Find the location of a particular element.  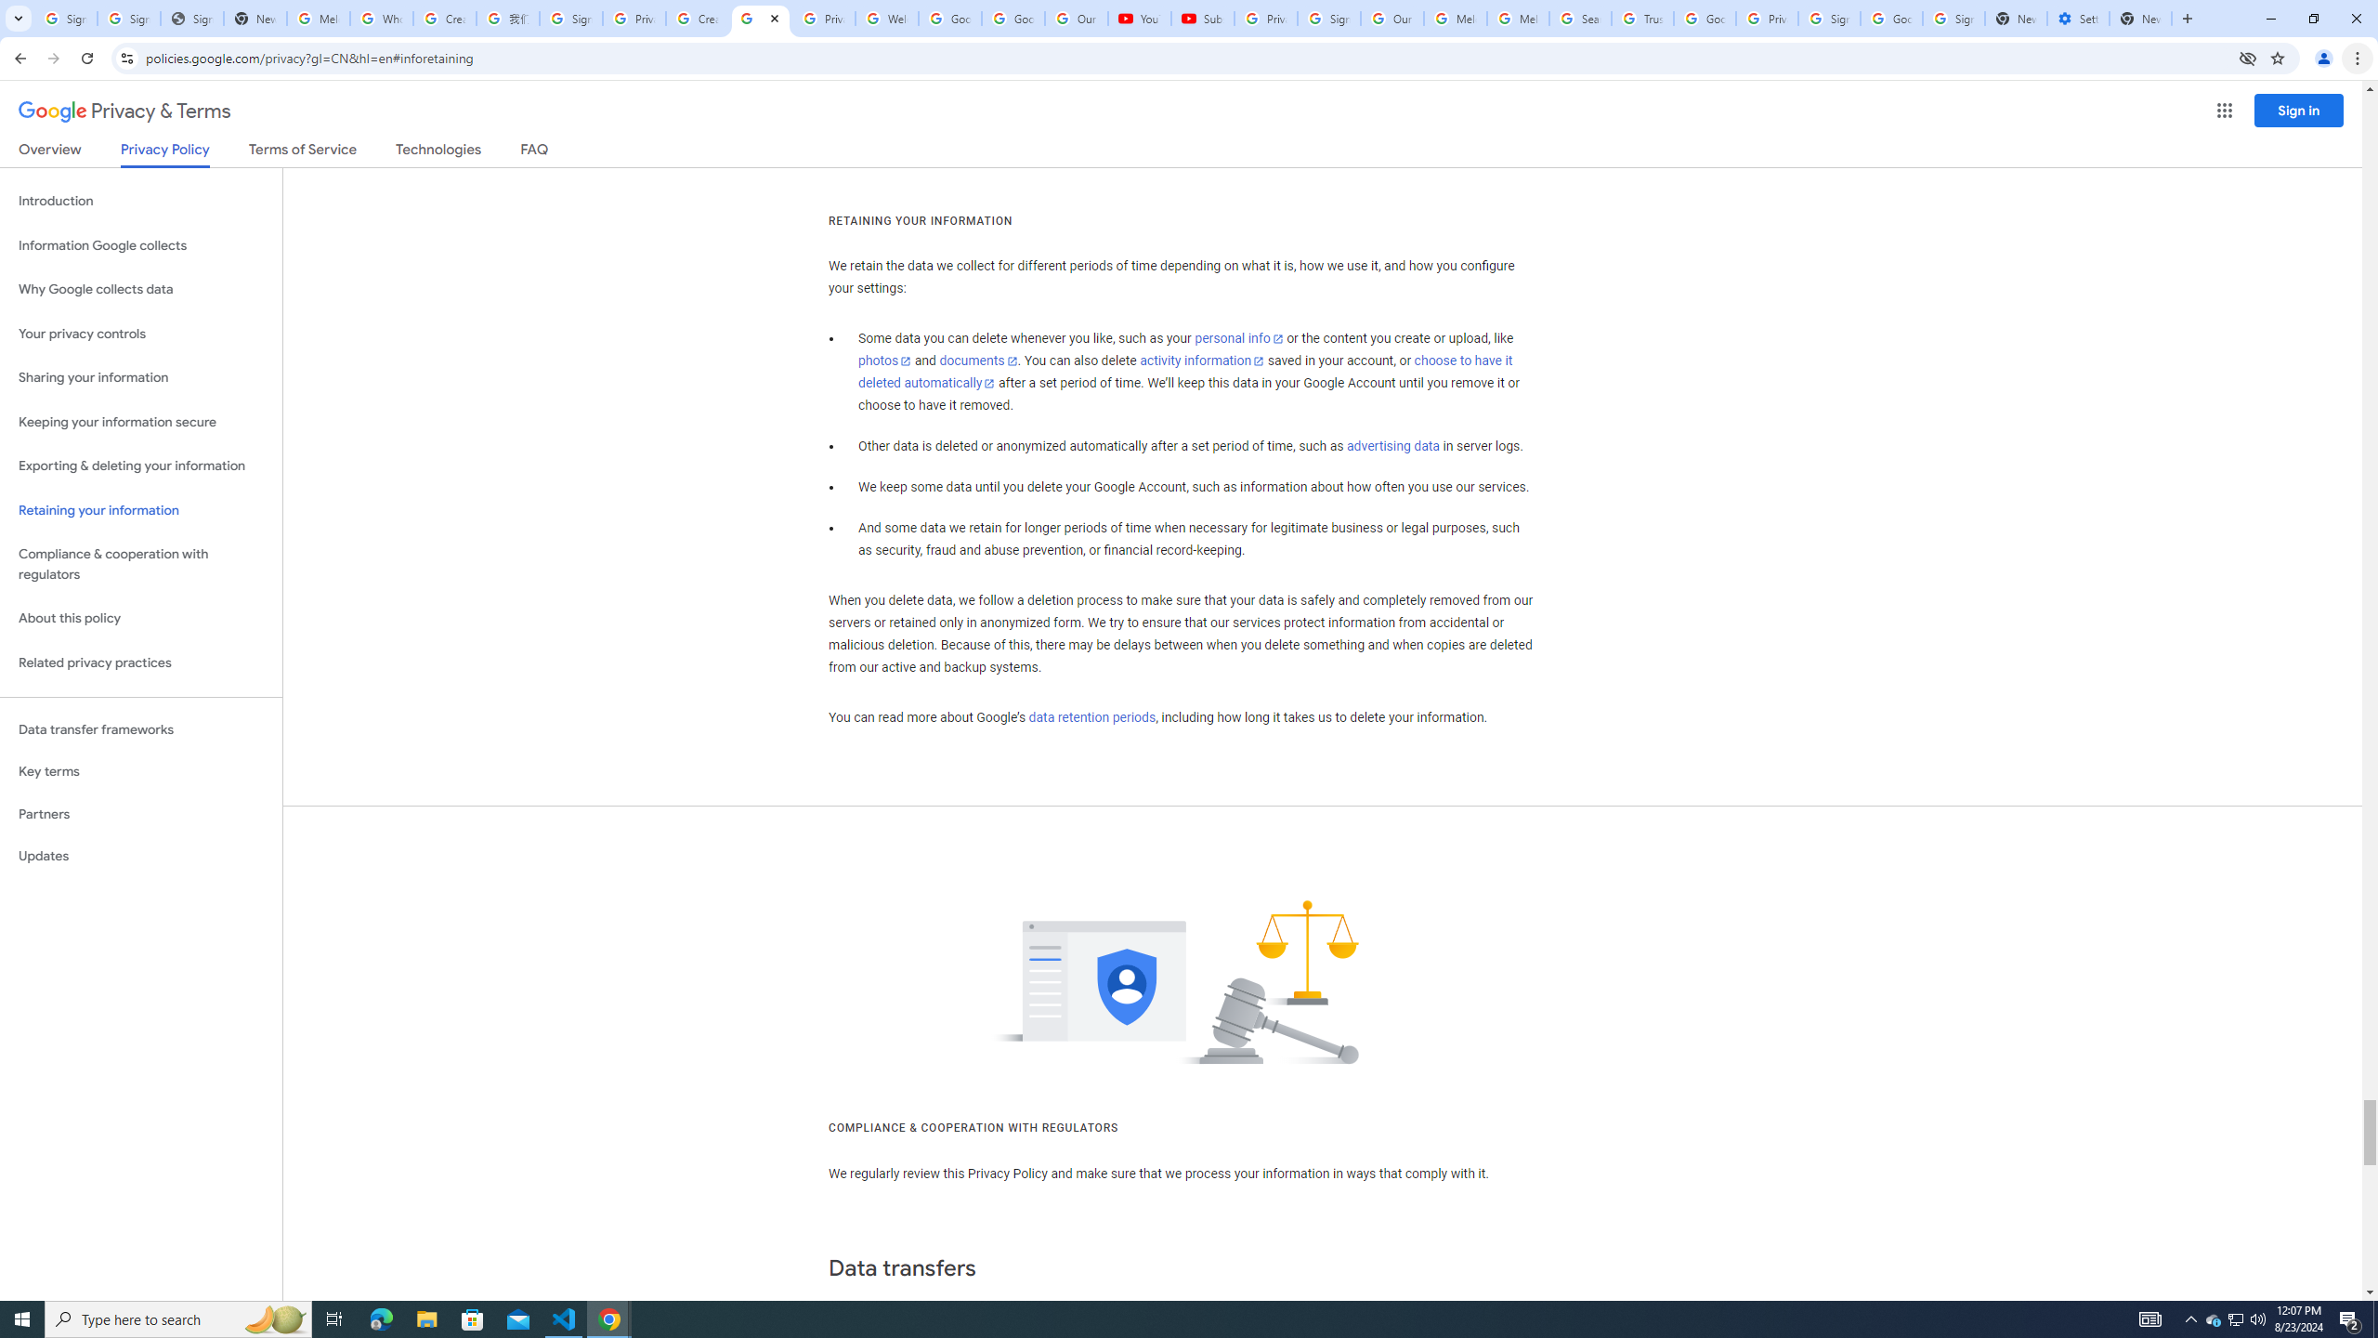

'Third-party cookies blocked' is located at coordinates (2248, 57).